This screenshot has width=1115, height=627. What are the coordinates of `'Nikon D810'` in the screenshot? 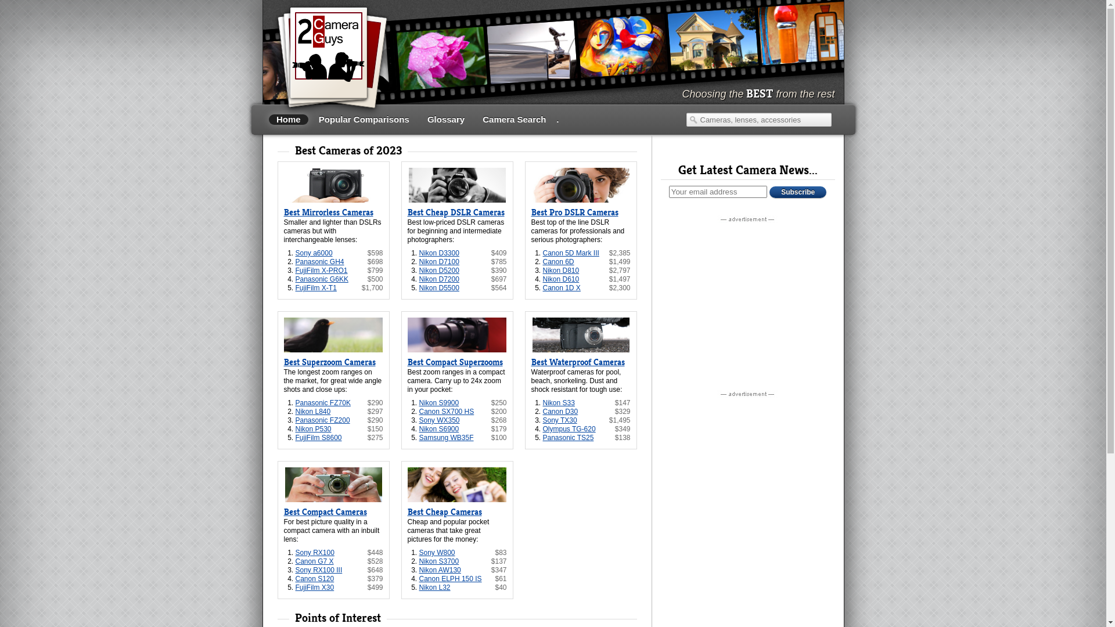 It's located at (542, 271).